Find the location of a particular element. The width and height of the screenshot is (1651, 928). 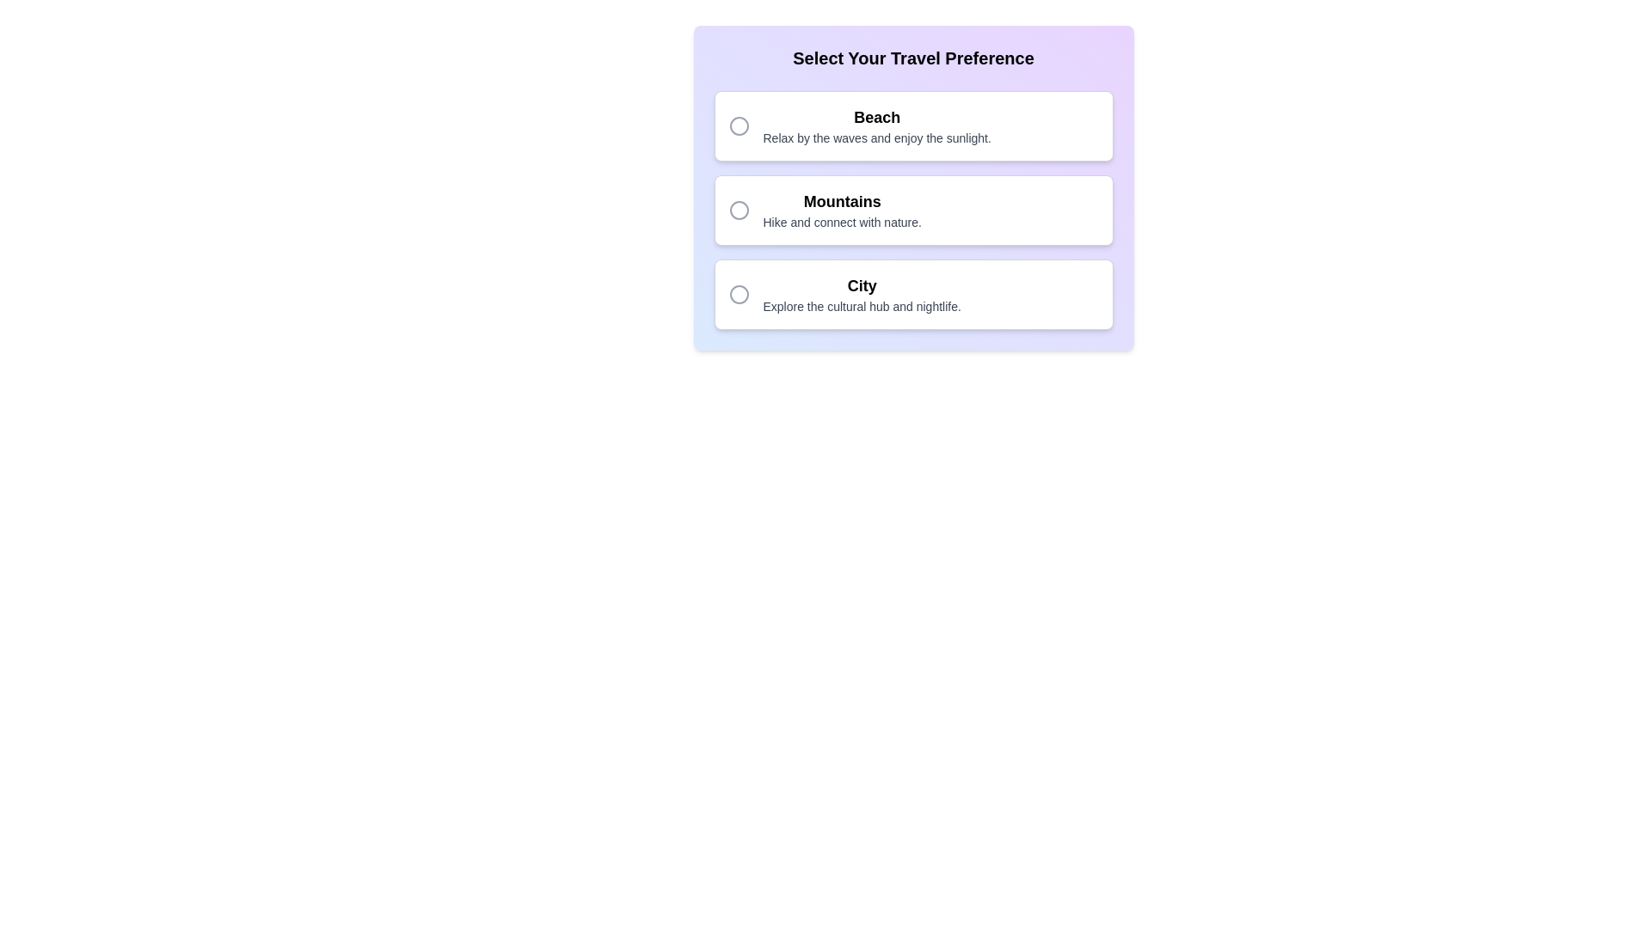

the circular gray icon with an outlined border is located at coordinates (739, 294).